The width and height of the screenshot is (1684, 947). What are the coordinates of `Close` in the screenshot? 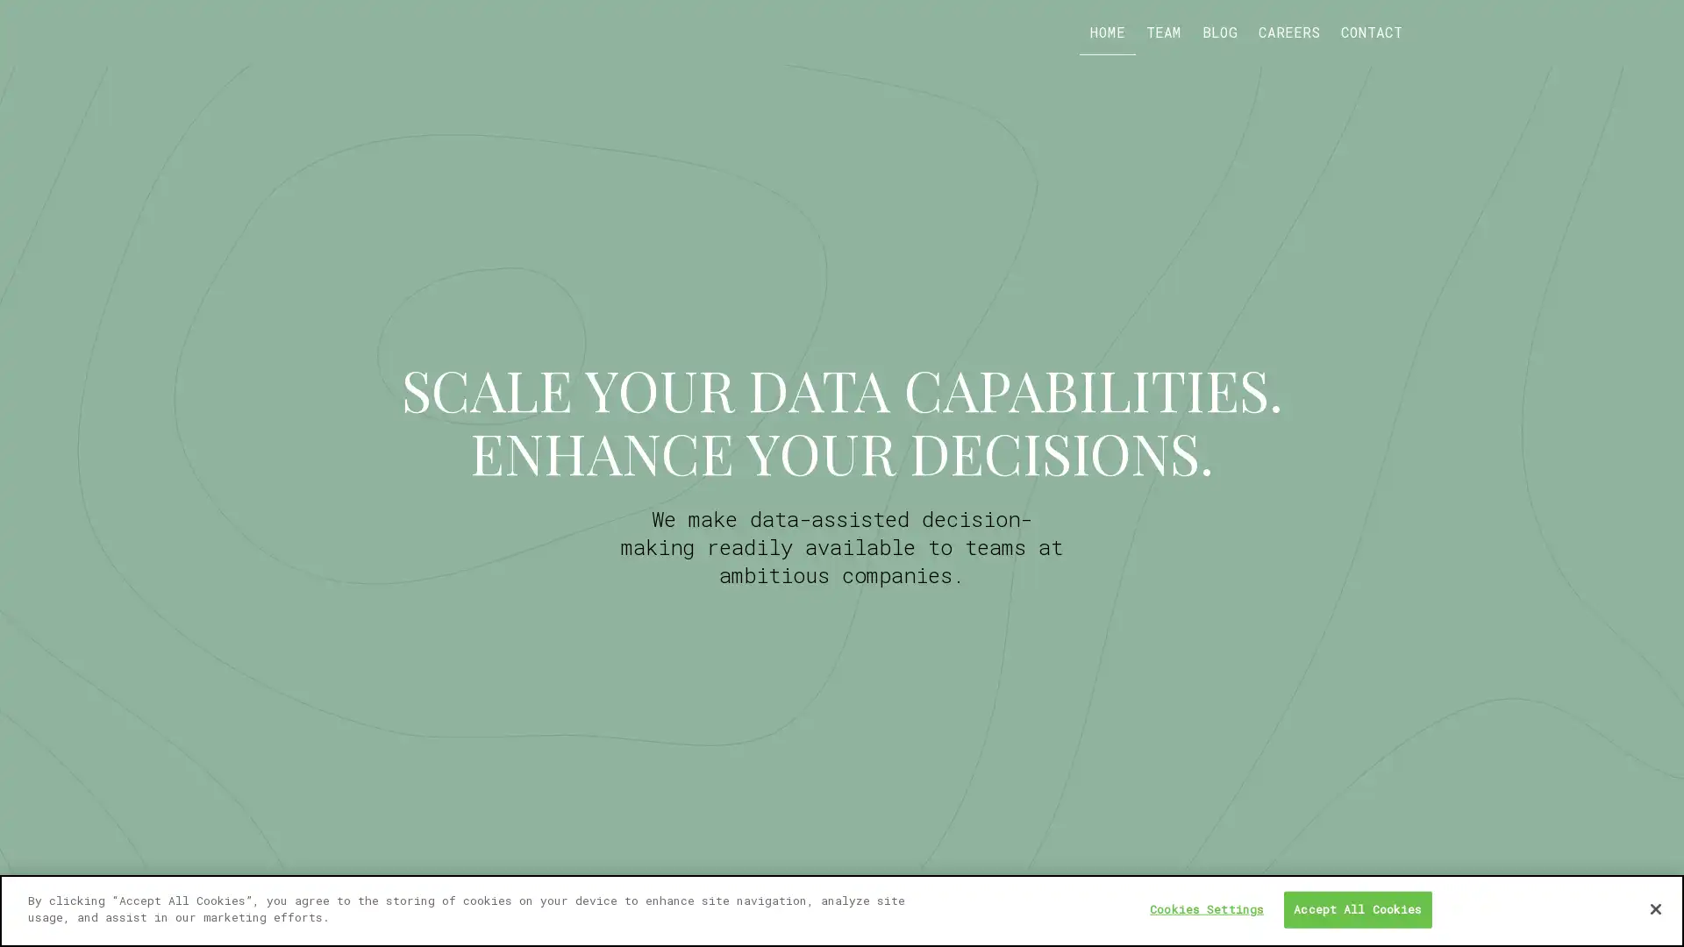 It's located at (1654, 908).